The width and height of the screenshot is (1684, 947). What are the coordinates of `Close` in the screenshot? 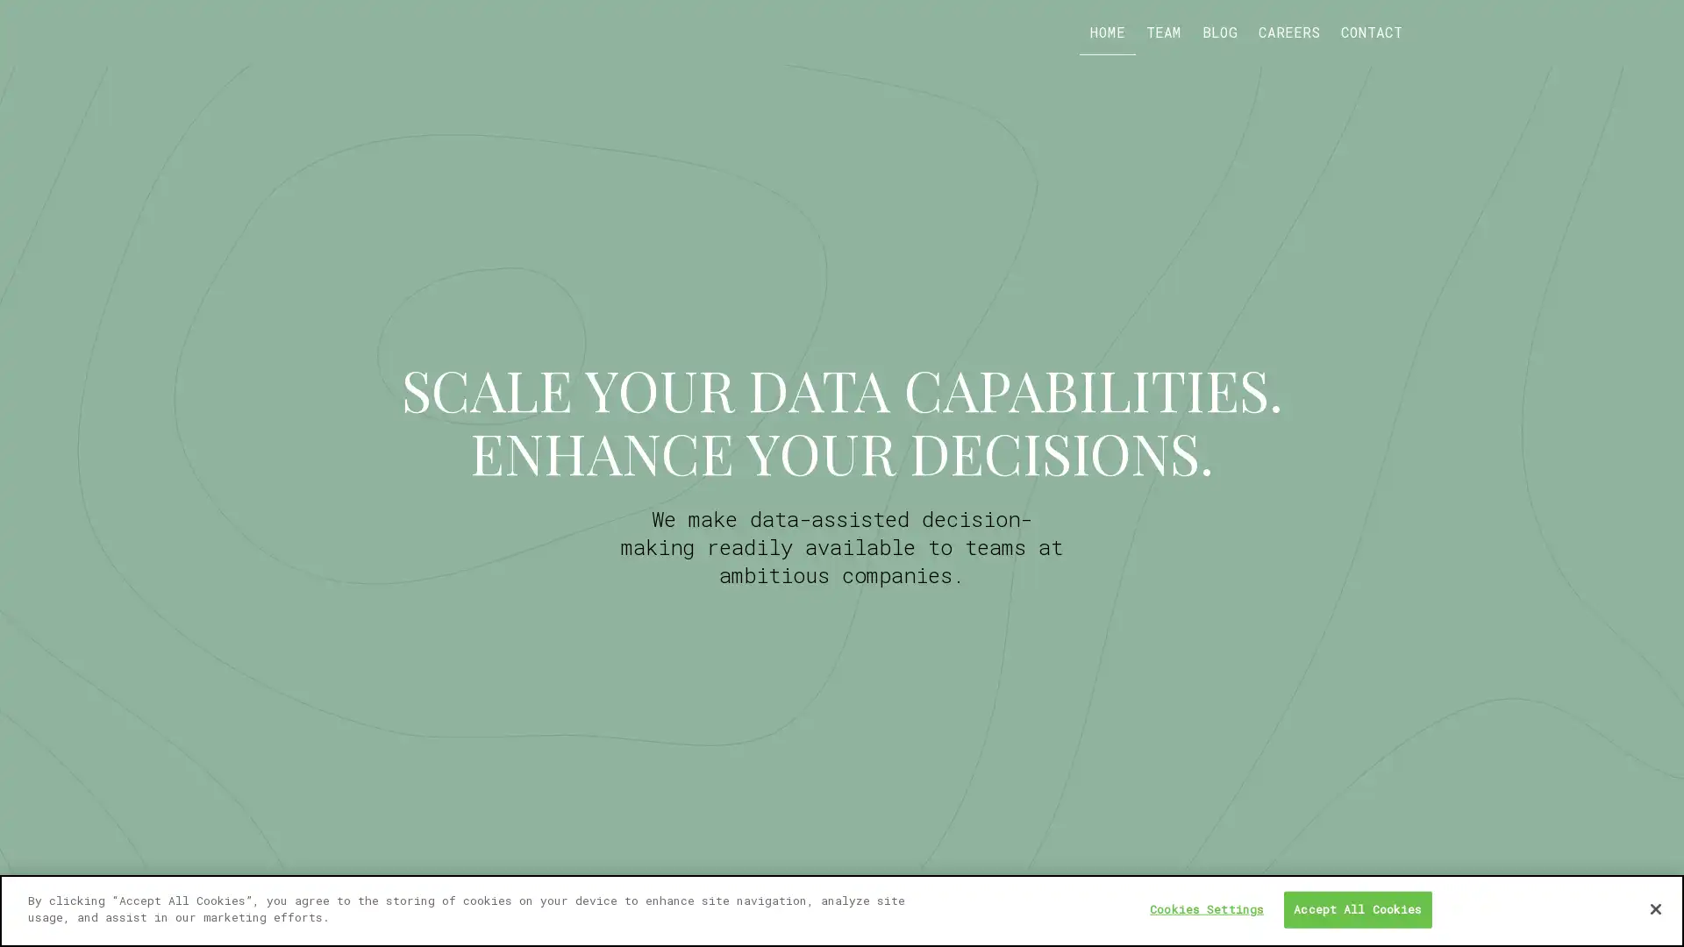 It's located at (1654, 908).